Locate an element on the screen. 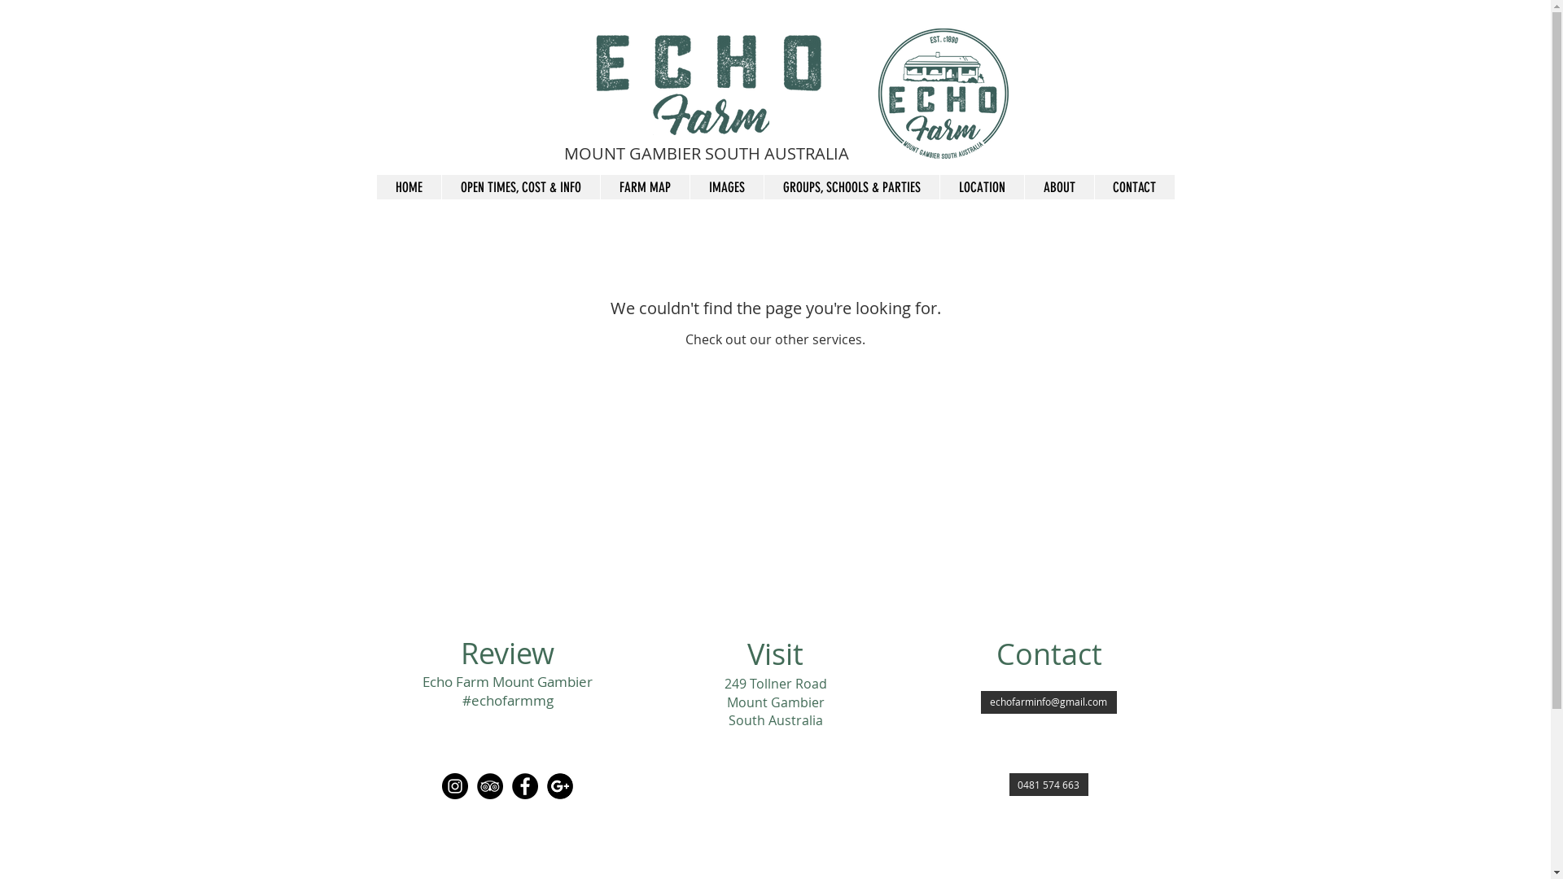 Image resolution: width=1563 pixels, height=879 pixels. '0481 574 663' is located at coordinates (1008, 784).